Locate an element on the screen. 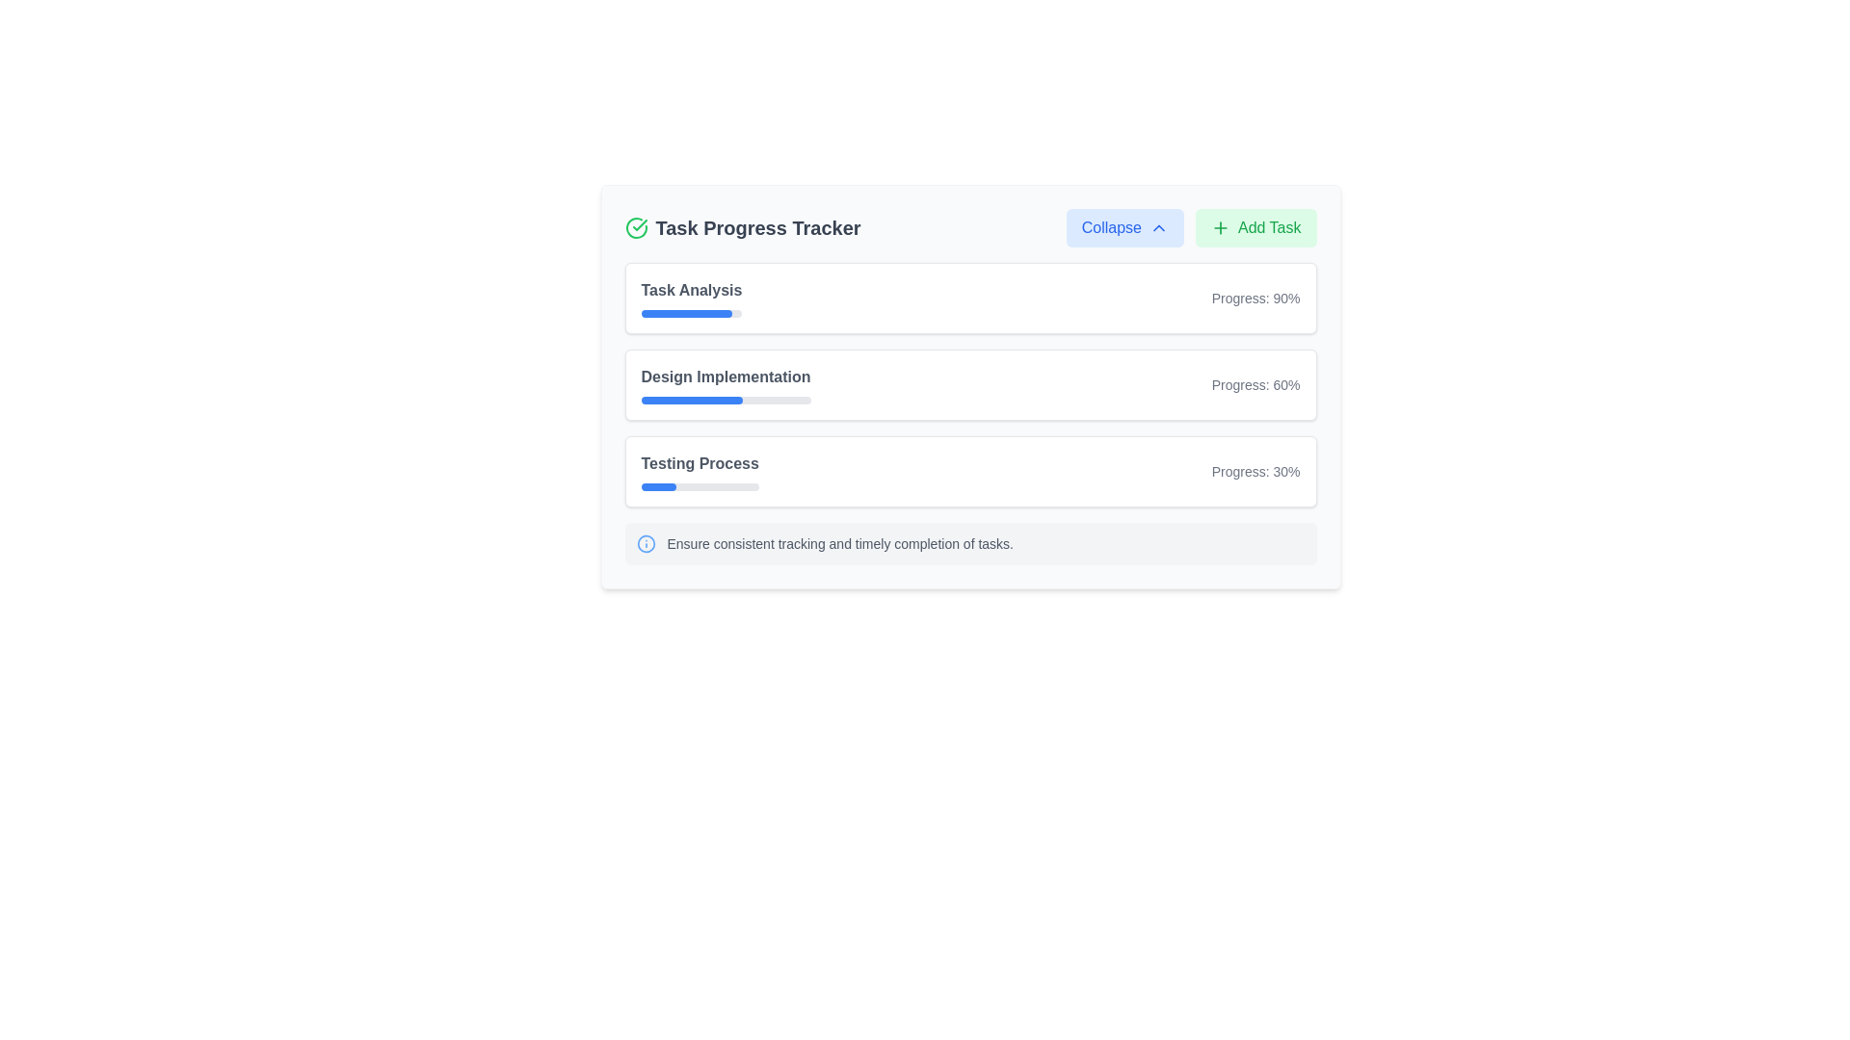 Image resolution: width=1850 pixels, height=1040 pixels. 'Task Analysis' text label displayed in bold gray font, located in the 'Task Progress Tracker' section above the progress bar is located at coordinates (691, 290).